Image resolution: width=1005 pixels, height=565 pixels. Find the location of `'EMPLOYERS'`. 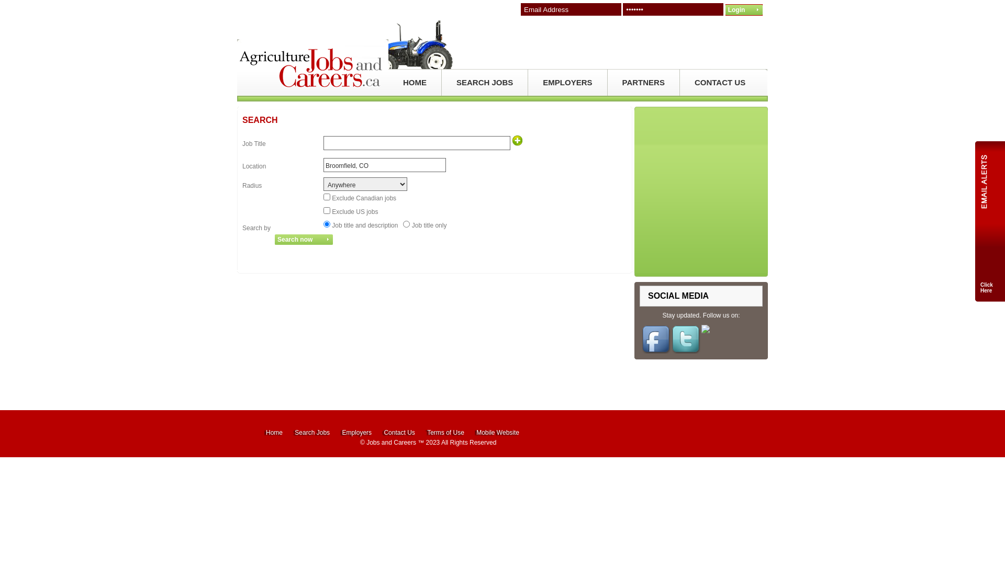

'EMPLOYERS' is located at coordinates (528, 82).